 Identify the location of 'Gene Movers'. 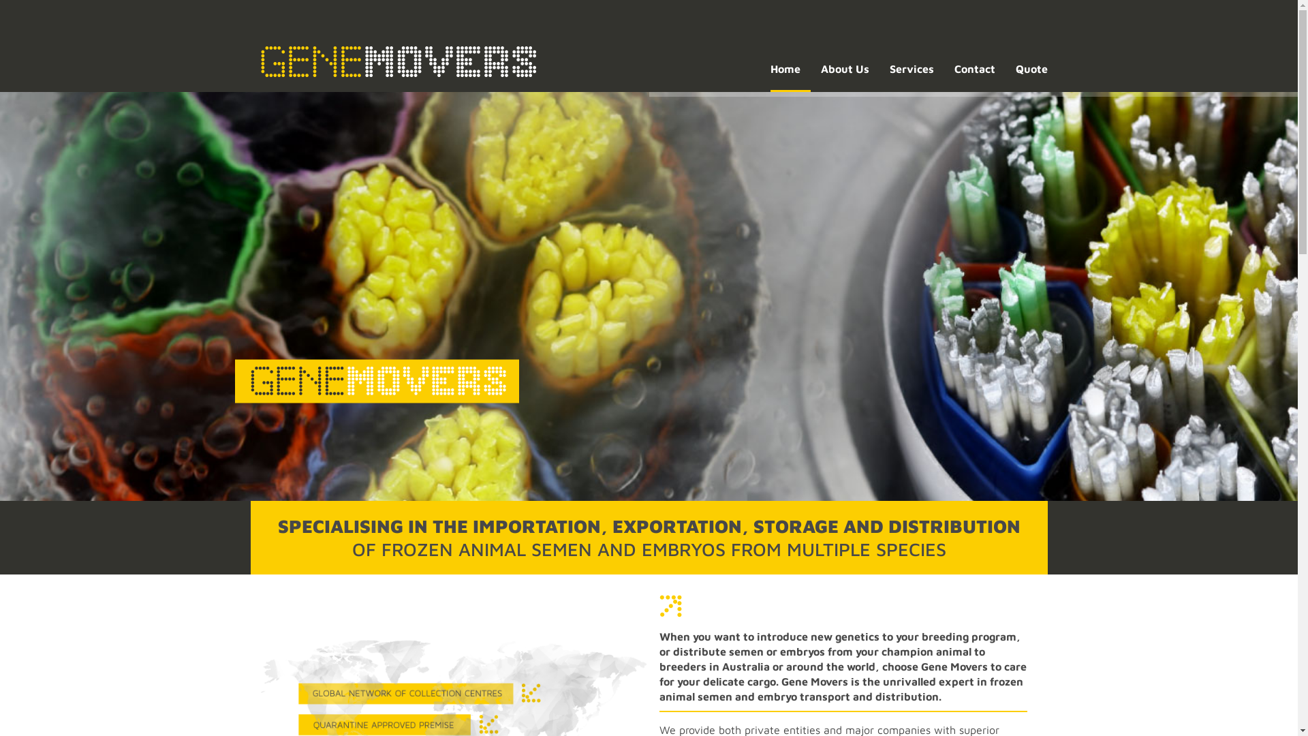
(397, 59).